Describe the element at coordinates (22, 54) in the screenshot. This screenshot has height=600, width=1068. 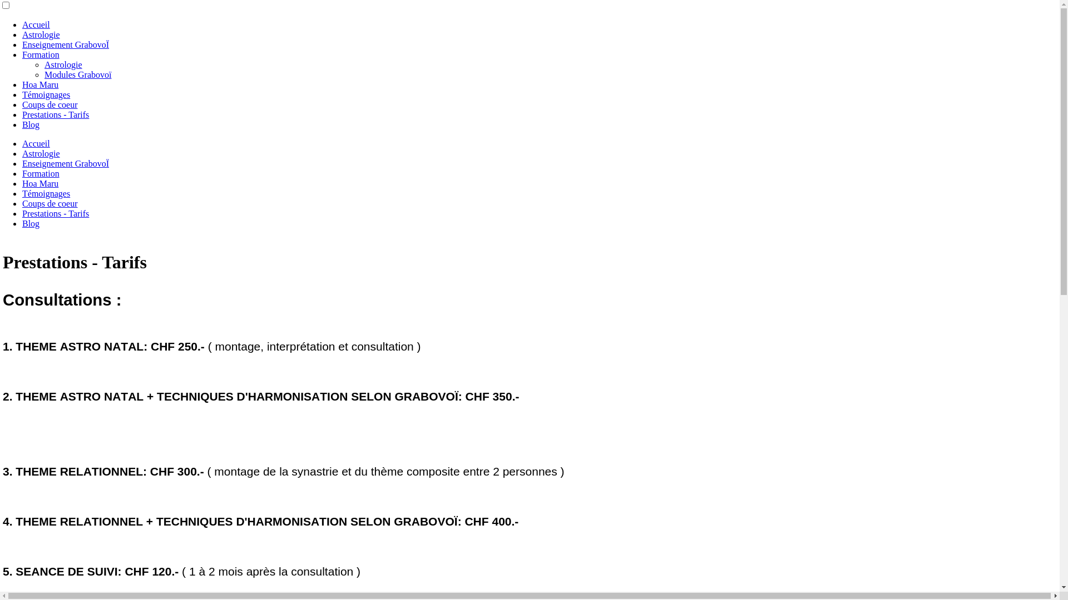
I see `'Formation'` at that location.